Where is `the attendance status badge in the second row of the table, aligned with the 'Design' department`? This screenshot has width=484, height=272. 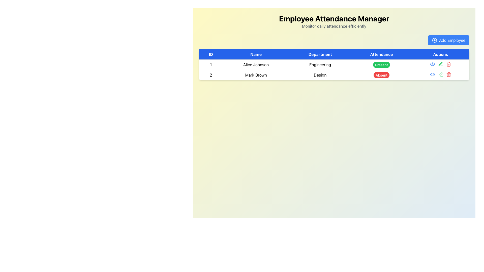 the attendance status badge in the second row of the table, aligned with the 'Design' department is located at coordinates (381, 75).